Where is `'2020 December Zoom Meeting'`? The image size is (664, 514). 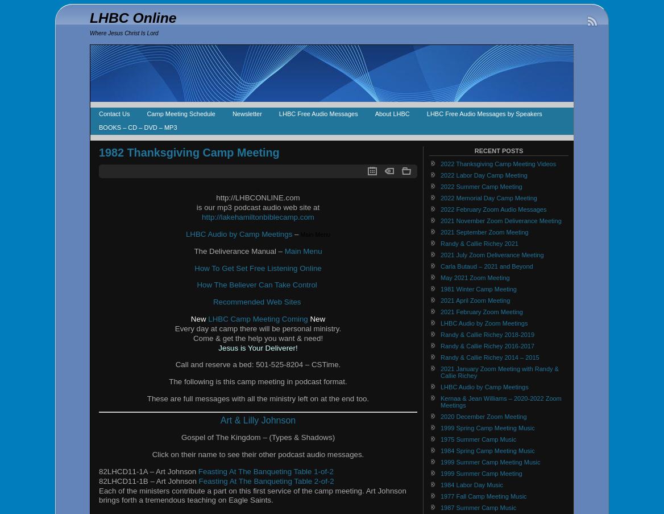 '2020 December Zoom Meeting' is located at coordinates (483, 416).